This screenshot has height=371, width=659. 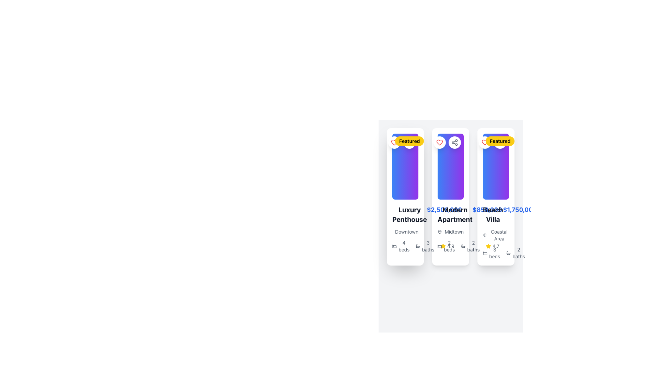 I want to click on the text label indicating the number of bedrooms in the 'Beach Villa' card, located under the 'Coastal Area' description and accompanied by a small bed icon, so click(x=495, y=253).